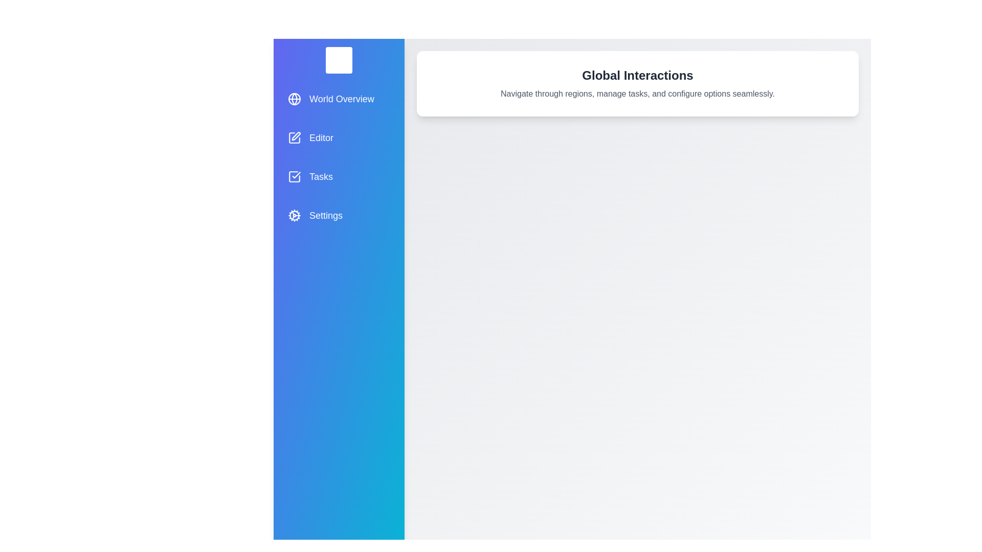 Image resolution: width=982 pixels, height=552 pixels. I want to click on the 'Settings' menu item in the drawer, so click(339, 215).